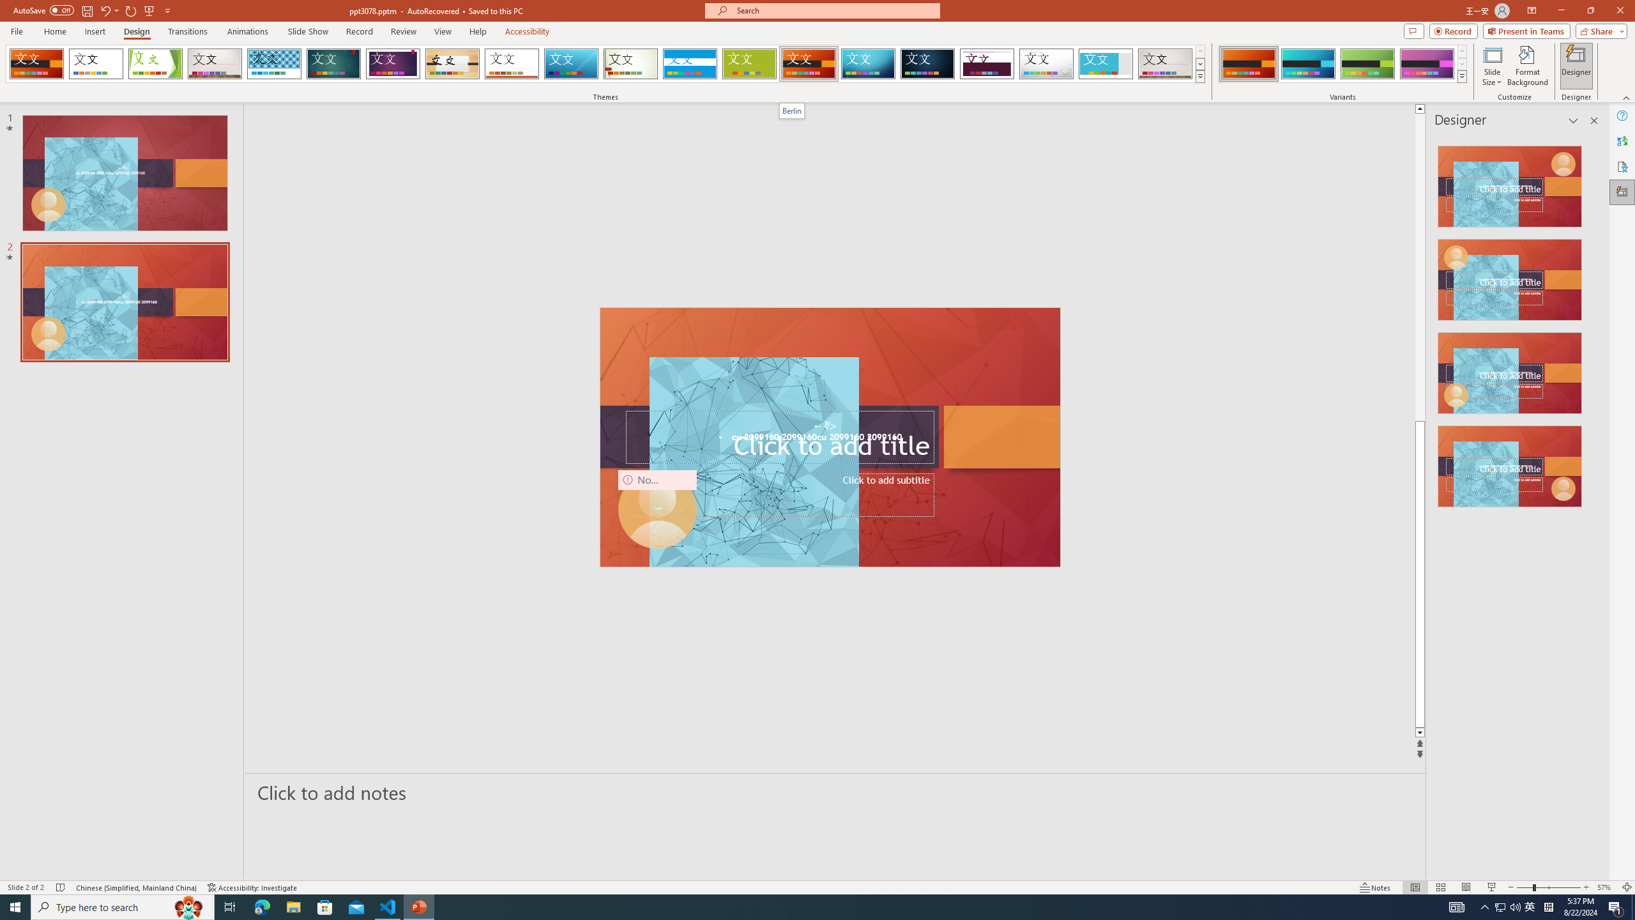  What do you see at coordinates (1248, 63) in the screenshot?
I see `'Berlin Variant 1'` at bounding box center [1248, 63].